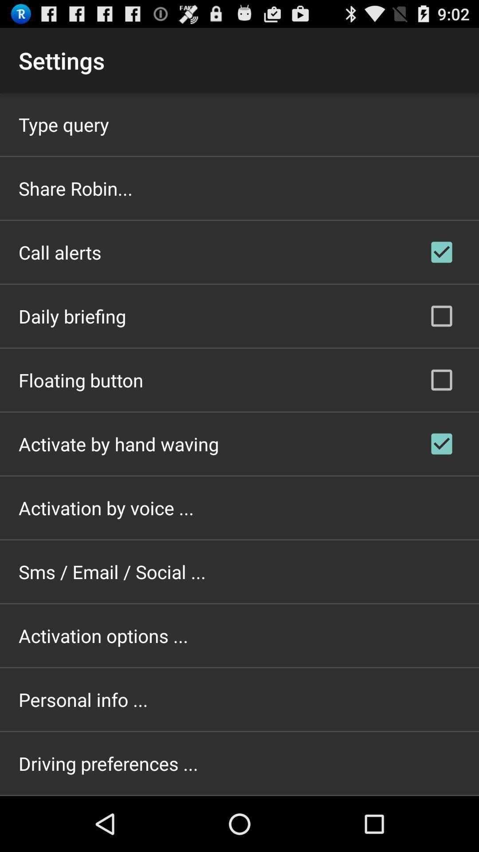 Image resolution: width=479 pixels, height=852 pixels. What do you see at coordinates (72, 316) in the screenshot?
I see `the icon below the call alerts item` at bounding box center [72, 316].